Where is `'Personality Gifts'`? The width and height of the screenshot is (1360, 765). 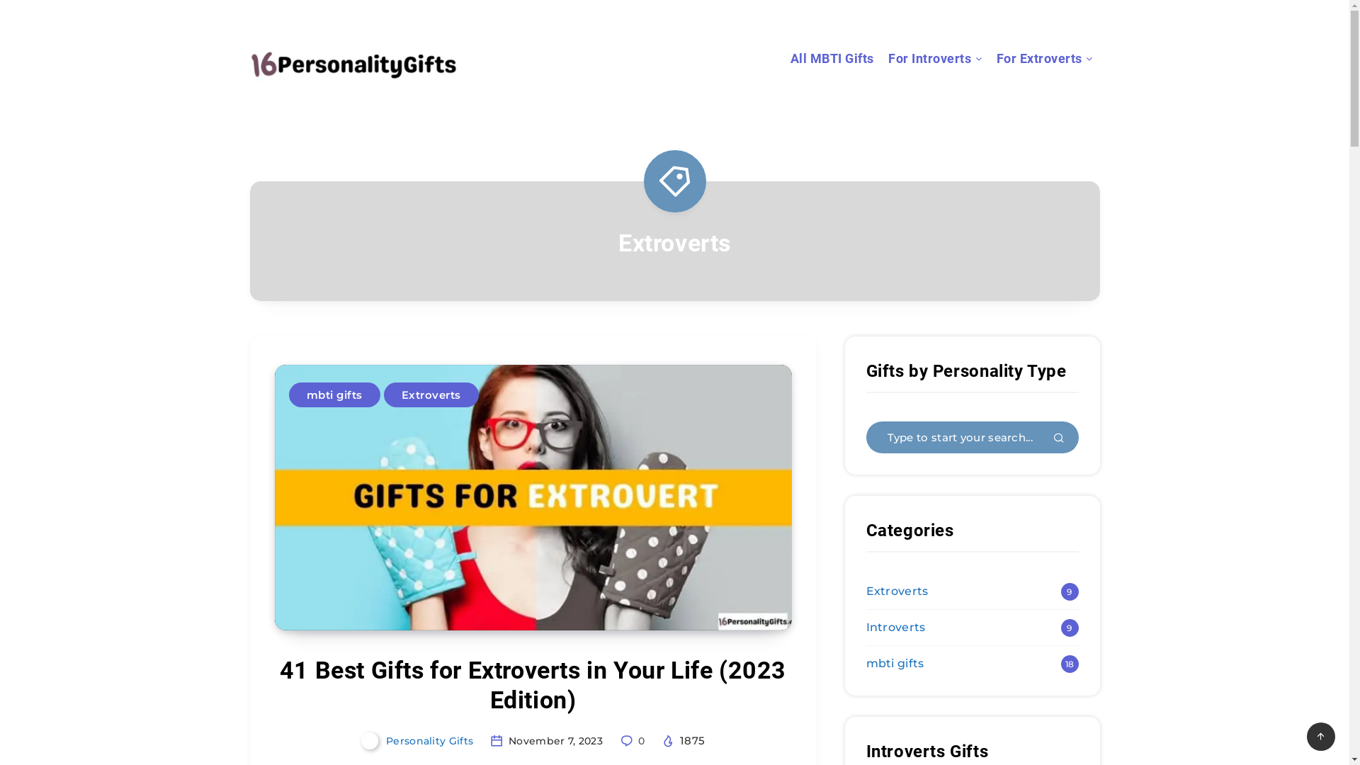
'Personality Gifts' is located at coordinates (361, 739).